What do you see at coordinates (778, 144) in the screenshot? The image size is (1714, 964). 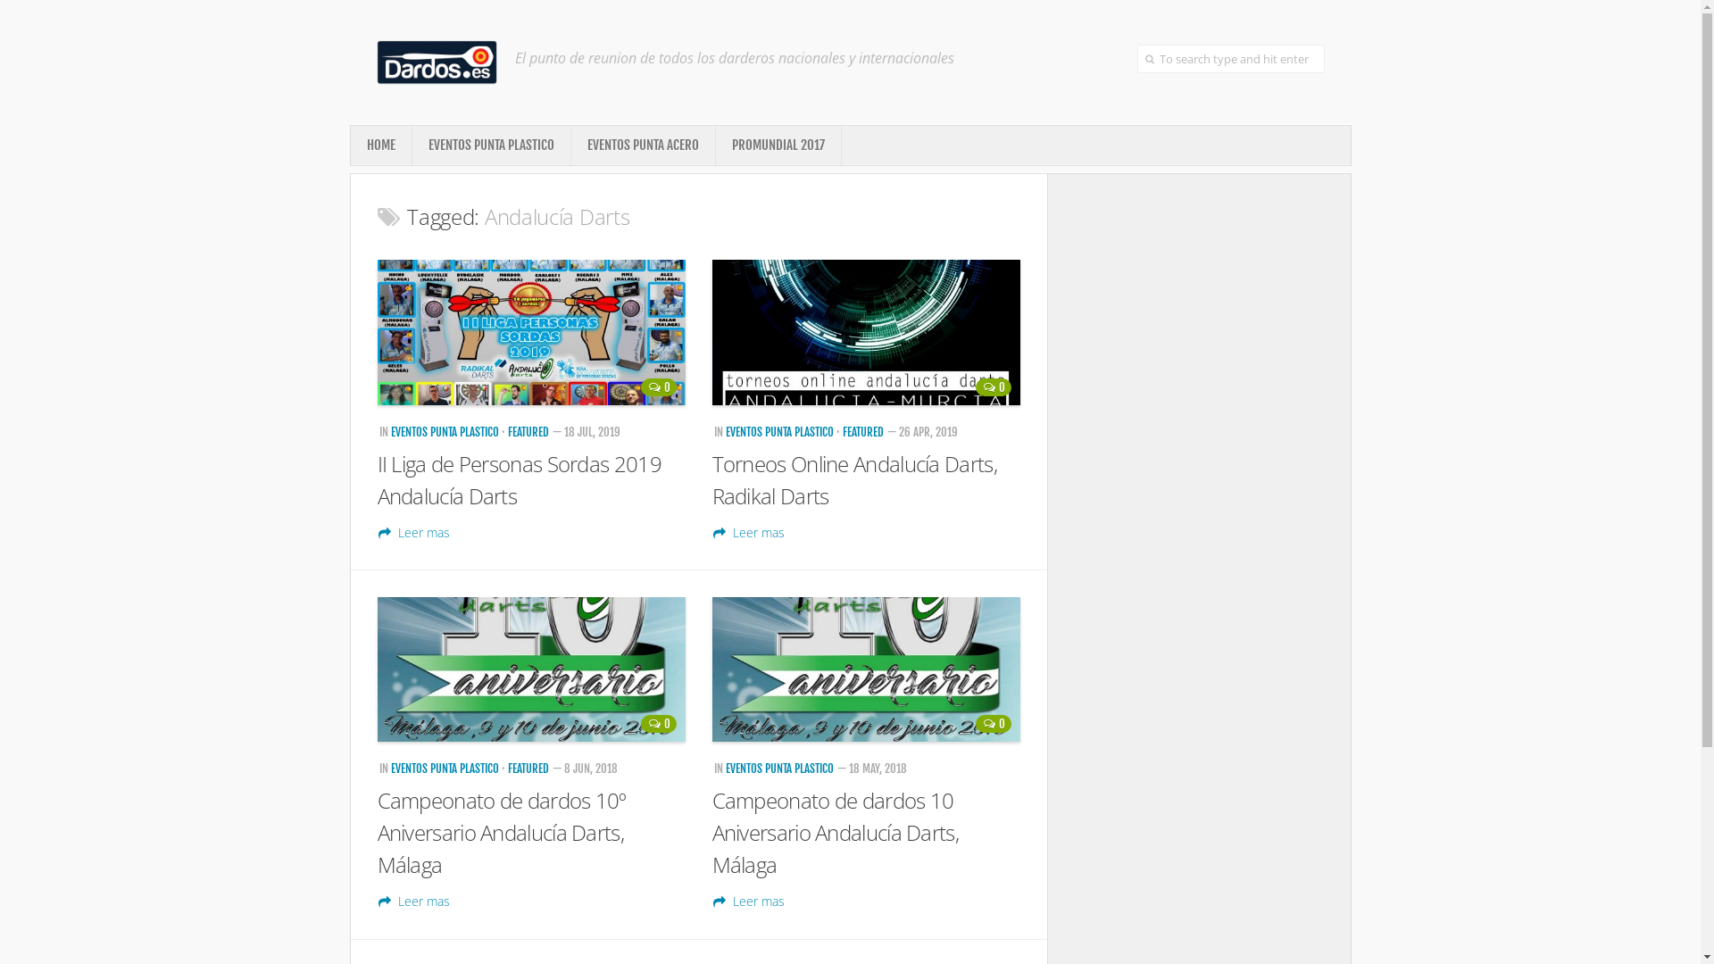 I see `'PROMUNDIAL 2017'` at bounding box center [778, 144].